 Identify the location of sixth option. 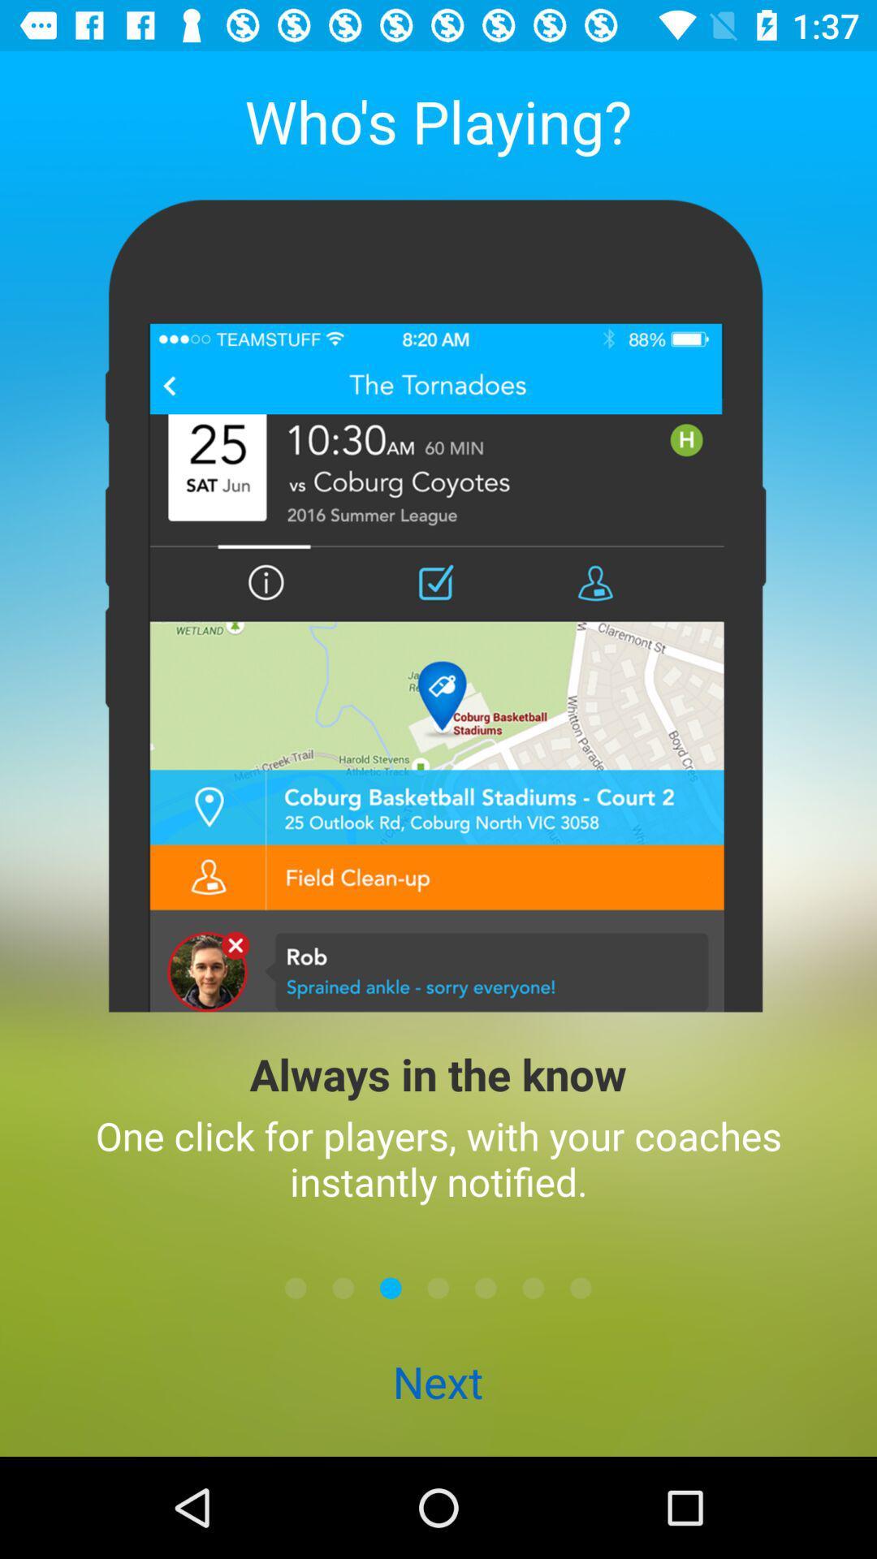
(533, 1287).